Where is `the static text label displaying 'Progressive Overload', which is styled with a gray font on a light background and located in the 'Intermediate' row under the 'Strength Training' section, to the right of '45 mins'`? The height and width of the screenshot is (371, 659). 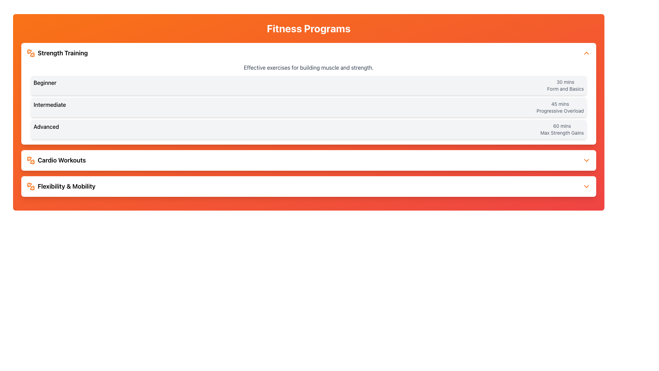 the static text label displaying 'Progressive Overload', which is styled with a gray font on a light background and located in the 'Intermediate' row under the 'Strength Training' section, to the right of '45 mins' is located at coordinates (560, 111).